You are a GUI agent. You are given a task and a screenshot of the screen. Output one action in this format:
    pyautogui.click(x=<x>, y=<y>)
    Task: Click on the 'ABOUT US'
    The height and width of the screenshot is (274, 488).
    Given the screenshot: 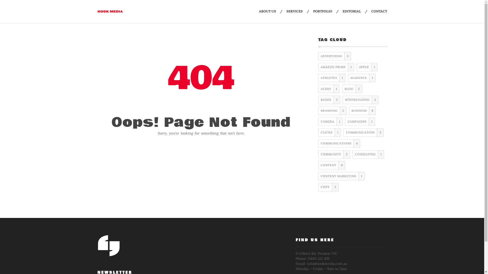 What is the action you would take?
    pyautogui.click(x=258, y=11)
    